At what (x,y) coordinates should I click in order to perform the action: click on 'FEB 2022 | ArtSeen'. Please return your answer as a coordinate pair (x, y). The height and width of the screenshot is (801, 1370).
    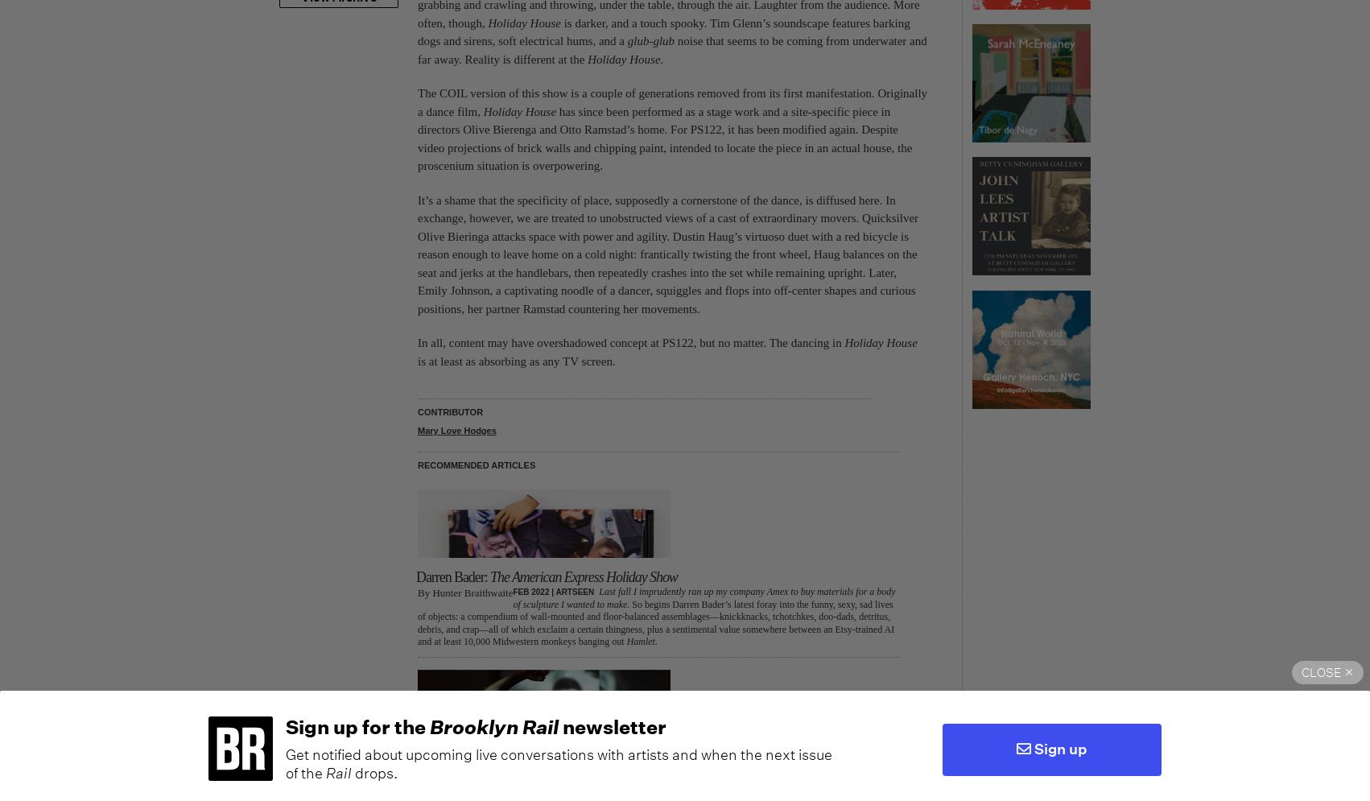
    Looking at the image, I should click on (553, 591).